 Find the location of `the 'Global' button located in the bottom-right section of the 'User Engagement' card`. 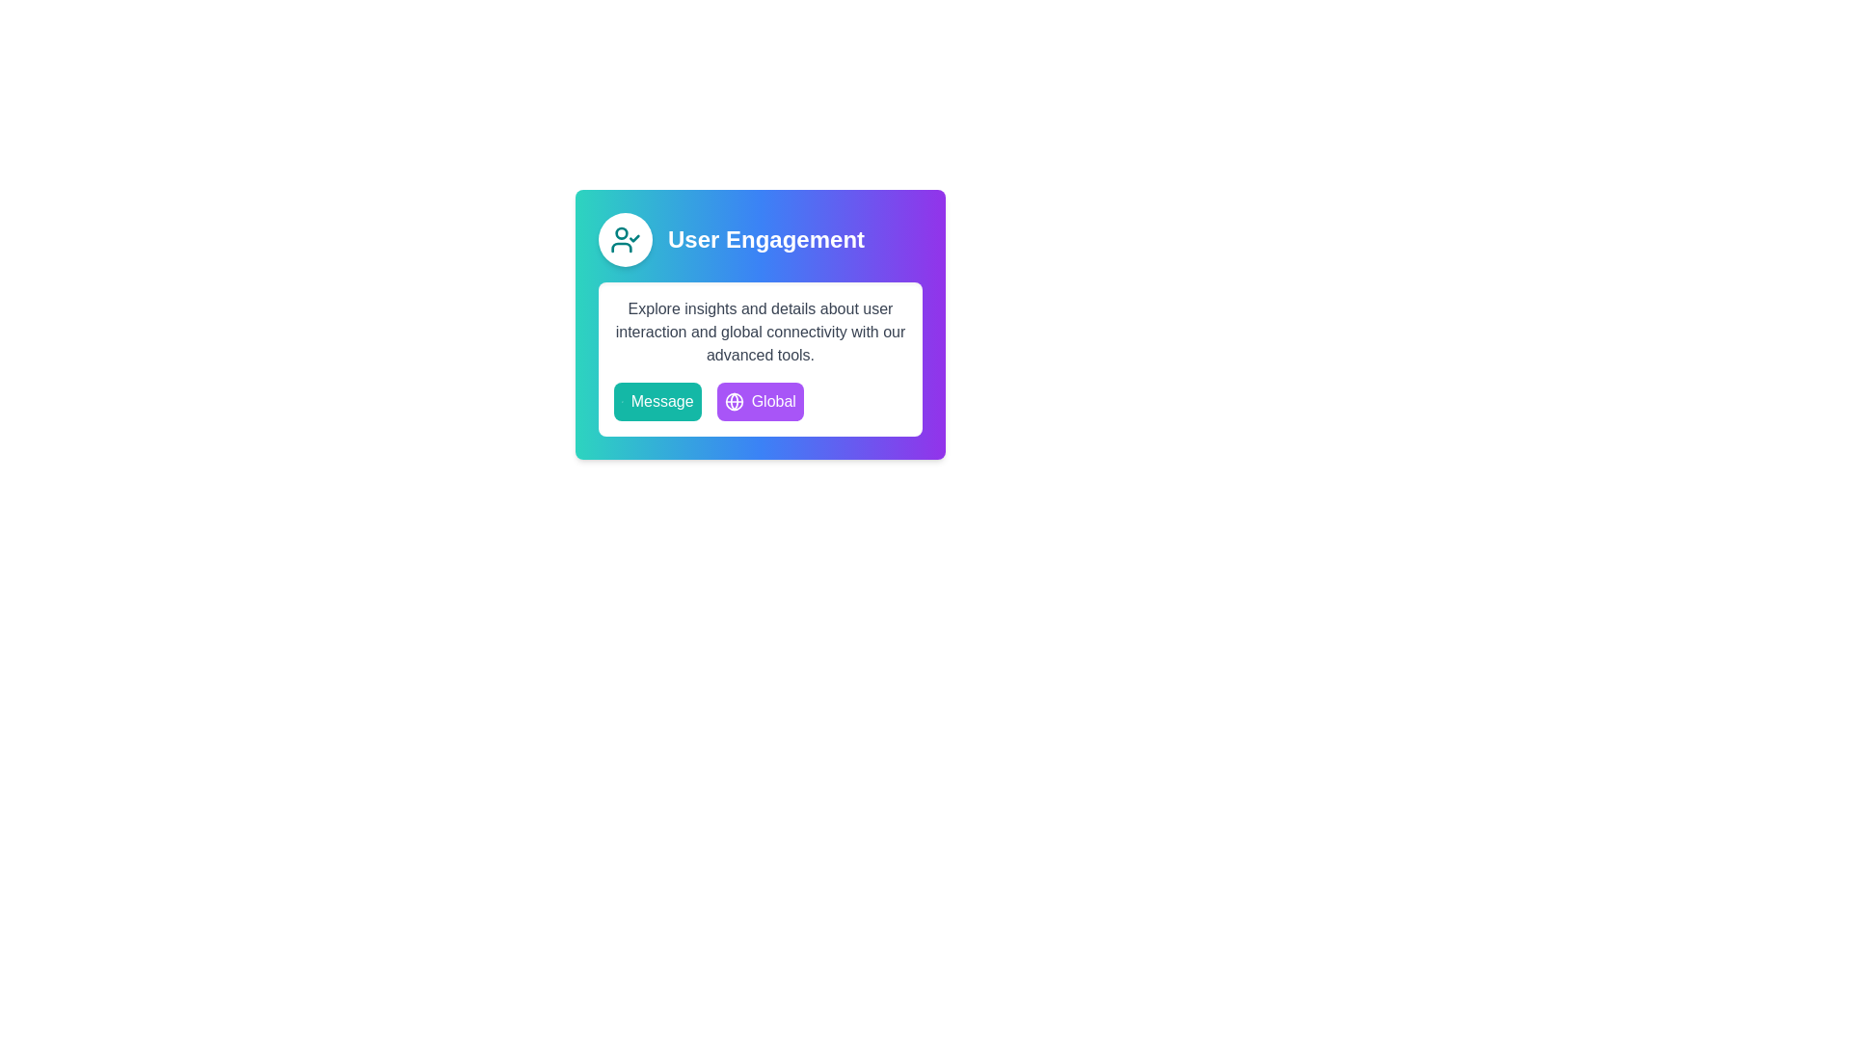

the 'Global' button located in the bottom-right section of the 'User Engagement' card is located at coordinates (759, 400).